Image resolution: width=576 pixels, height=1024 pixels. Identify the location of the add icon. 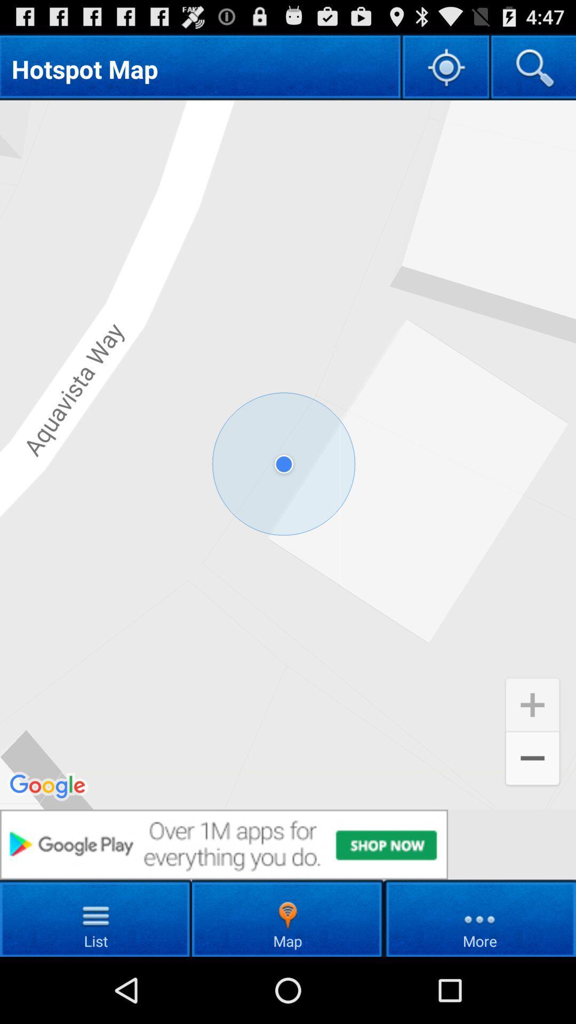
(532, 753).